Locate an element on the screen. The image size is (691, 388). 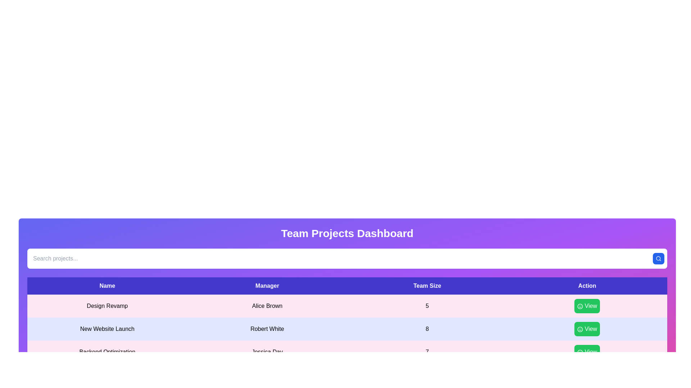
the text label displaying 'Backend Optimization', which is located in the leftmost column of a table under the 'Name' header and has a pink background stripe is located at coordinates (107, 351).